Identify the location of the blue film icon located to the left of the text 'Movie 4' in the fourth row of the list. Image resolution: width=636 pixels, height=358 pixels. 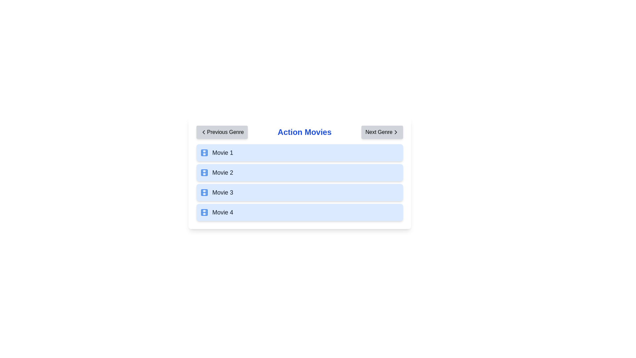
(204, 212).